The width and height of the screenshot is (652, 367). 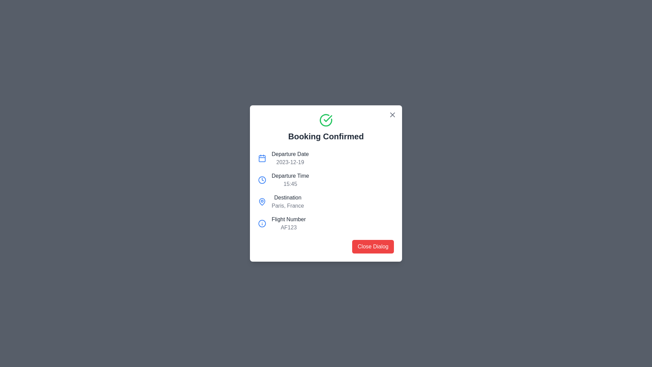 What do you see at coordinates (262, 202) in the screenshot?
I see `the destination icon located in the booking confirmation dialog, adjacent to the 'Destination' label` at bounding box center [262, 202].